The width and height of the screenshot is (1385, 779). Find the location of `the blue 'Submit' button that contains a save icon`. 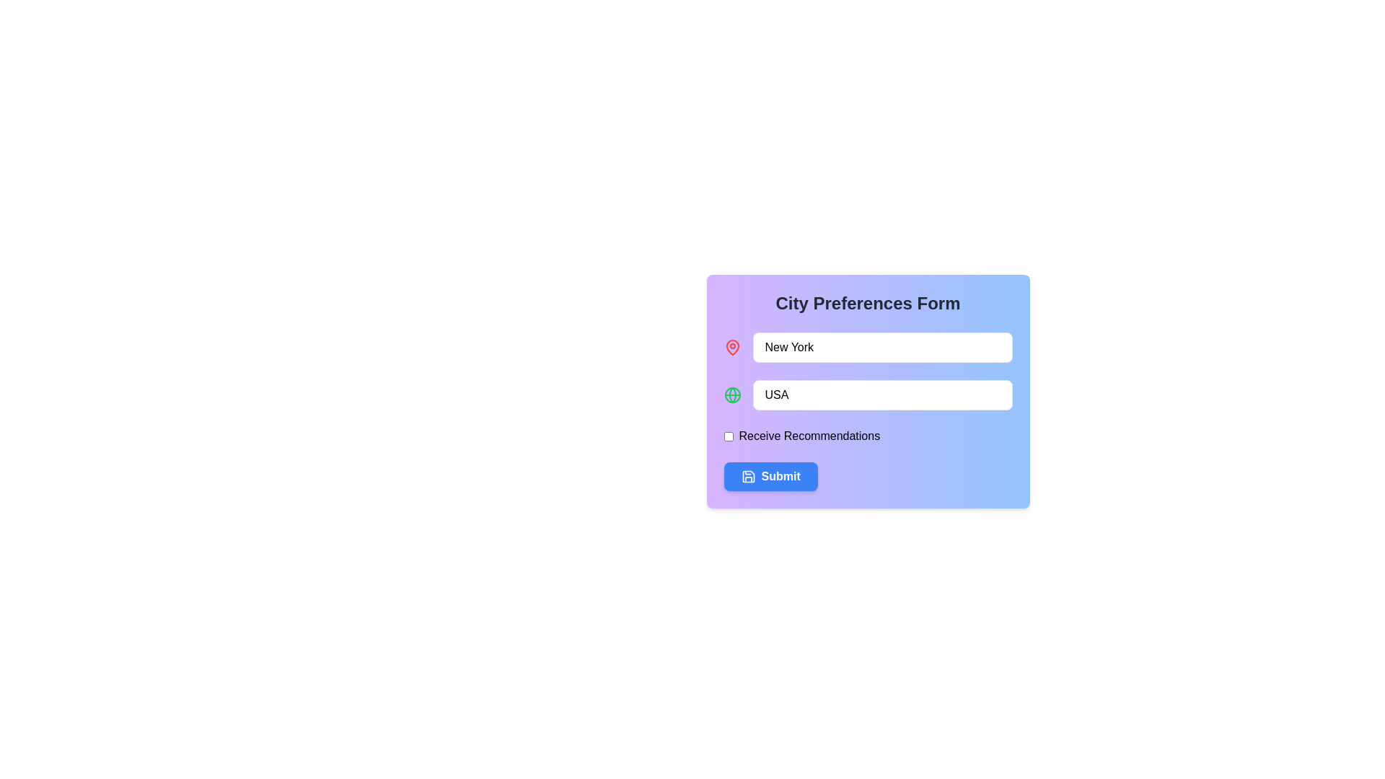

the blue 'Submit' button that contains a save icon is located at coordinates (748, 476).